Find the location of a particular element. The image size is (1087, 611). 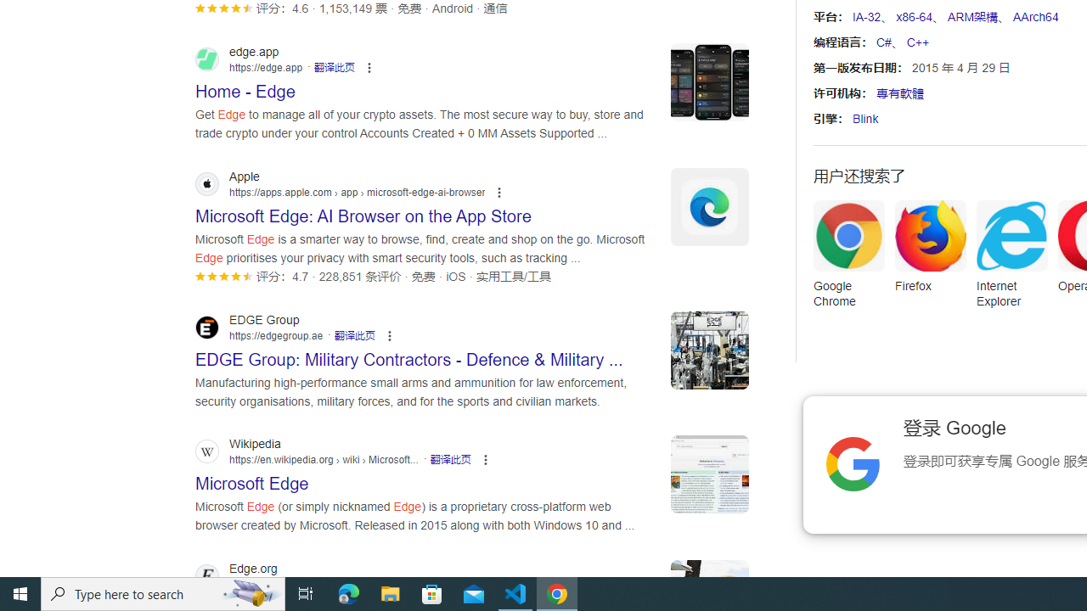

'C++' is located at coordinates (916, 42).